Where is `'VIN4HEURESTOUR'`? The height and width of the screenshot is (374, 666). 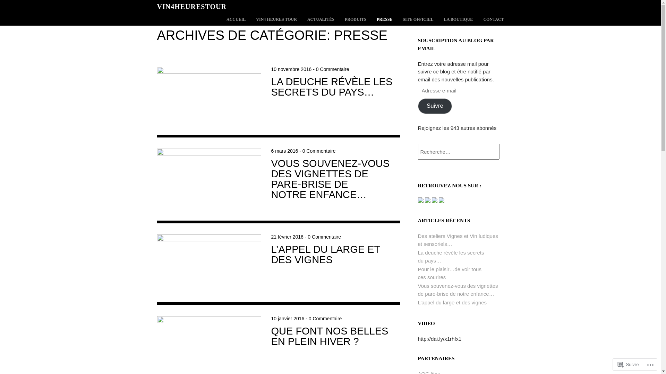
'VIN4HEURESTOUR' is located at coordinates (191, 7).